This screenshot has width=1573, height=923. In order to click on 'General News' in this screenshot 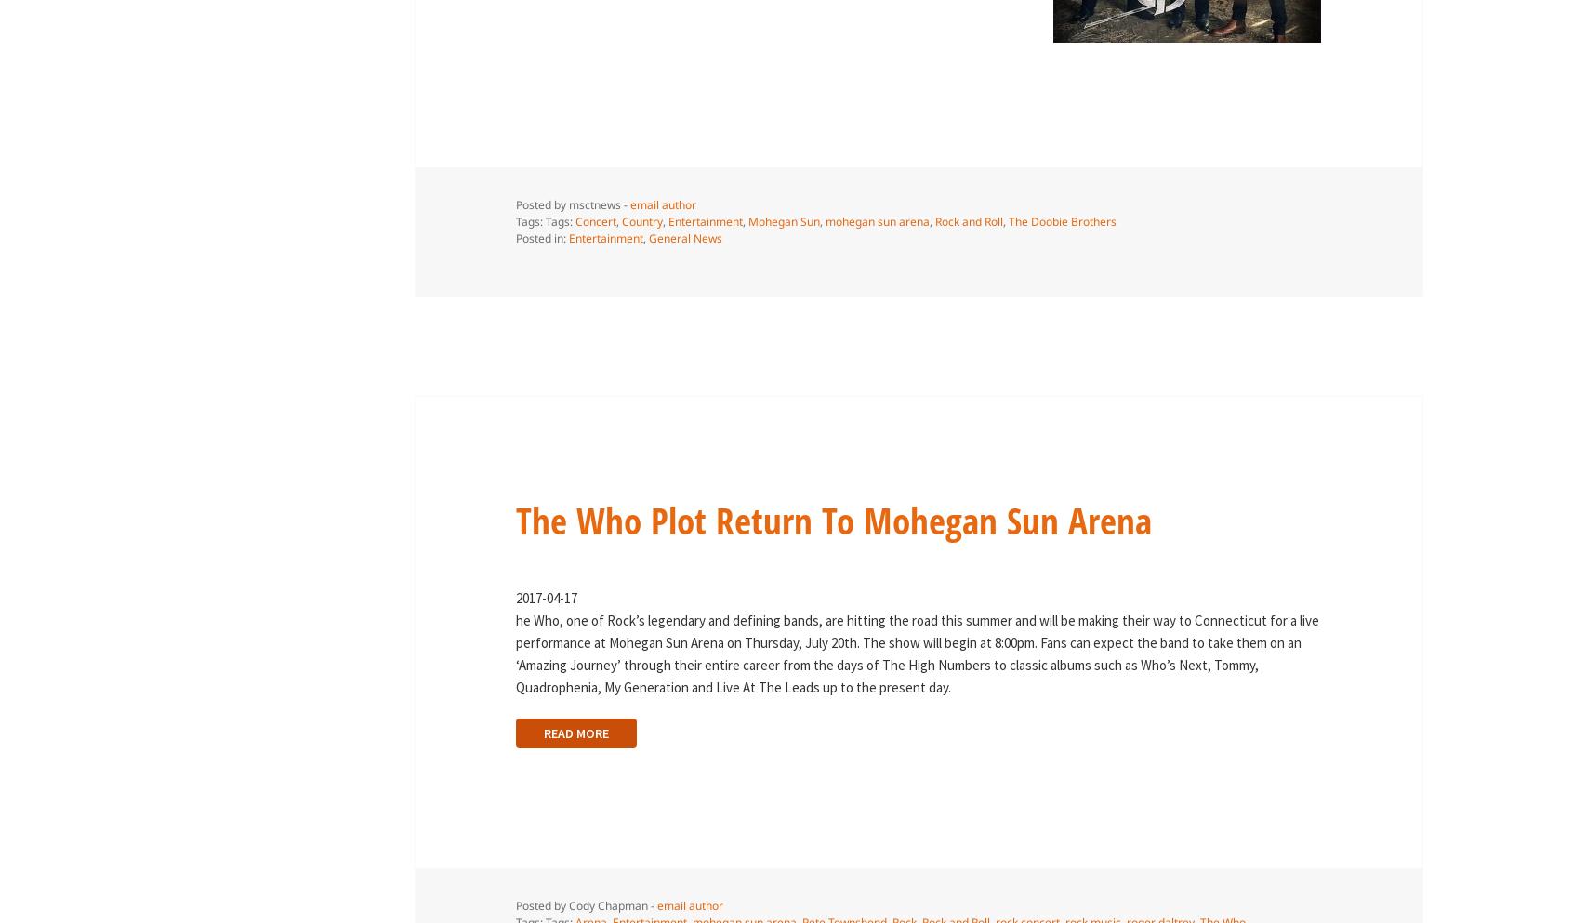, I will do `click(647, 237)`.